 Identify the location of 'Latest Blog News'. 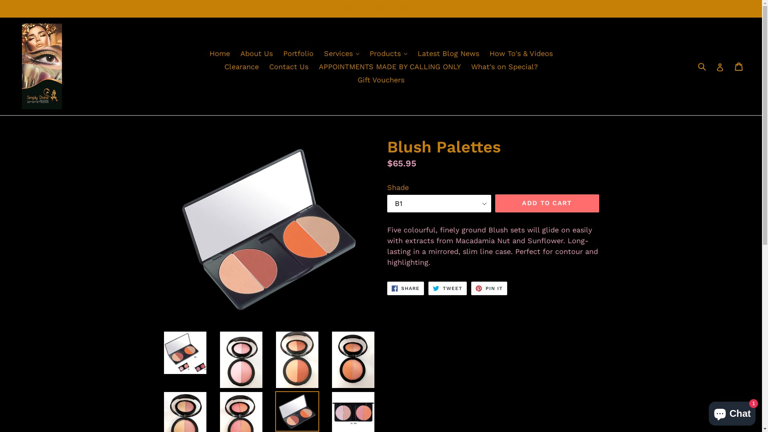
(413, 53).